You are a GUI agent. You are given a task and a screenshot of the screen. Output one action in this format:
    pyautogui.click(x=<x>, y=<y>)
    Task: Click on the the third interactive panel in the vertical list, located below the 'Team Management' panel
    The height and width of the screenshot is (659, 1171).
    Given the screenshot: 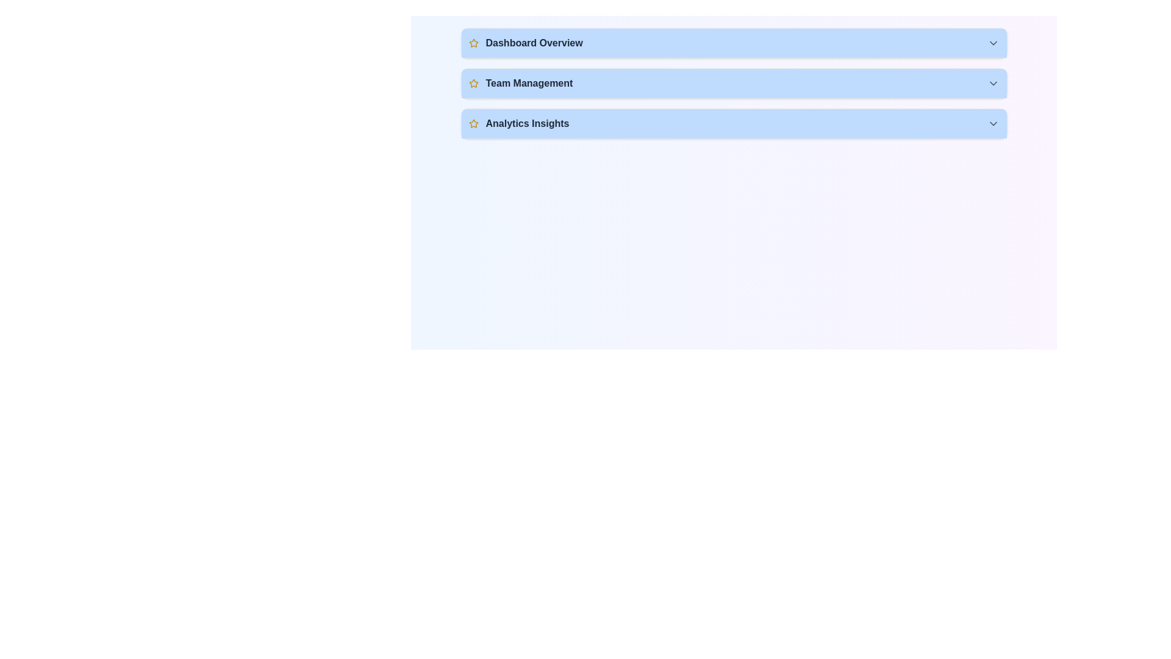 What is the action you would take?
    pyautogui.click(x=733, y=124)
    